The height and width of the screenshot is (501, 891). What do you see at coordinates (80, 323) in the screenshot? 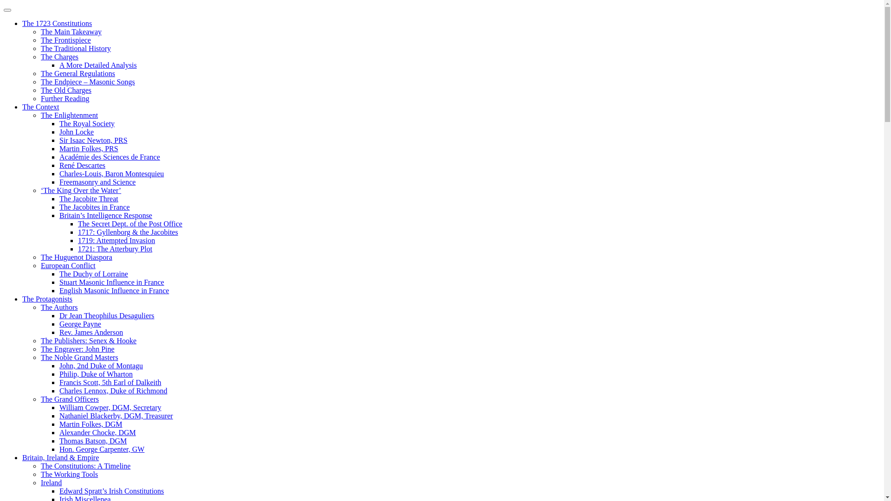
I see `'George Payne'` at bounding box center [80, 323].